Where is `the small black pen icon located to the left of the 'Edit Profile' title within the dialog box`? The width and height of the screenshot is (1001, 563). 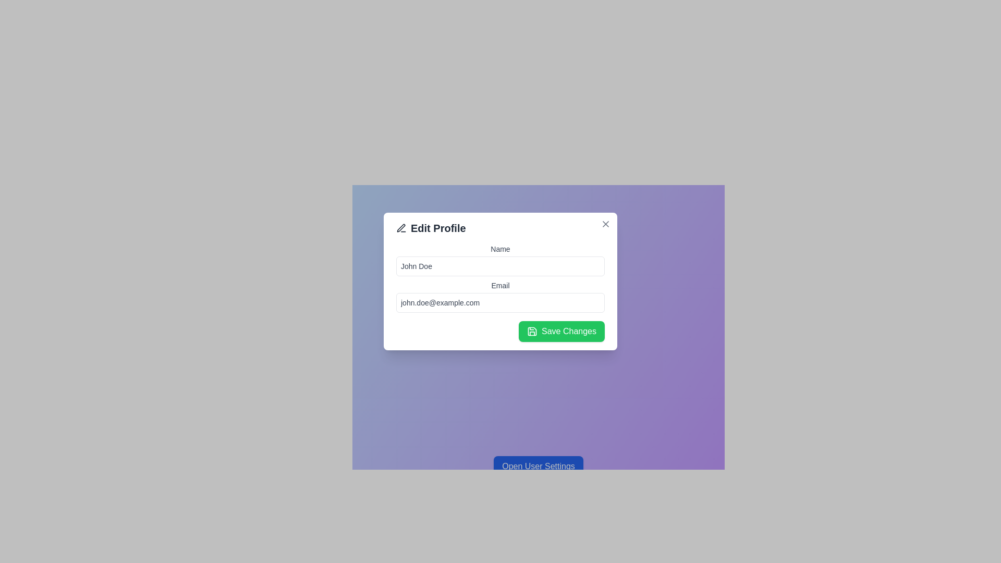
the small black pen icon located to the left of the 'Edit Profile' title within the dialog box is located at coordinates (400, 228).